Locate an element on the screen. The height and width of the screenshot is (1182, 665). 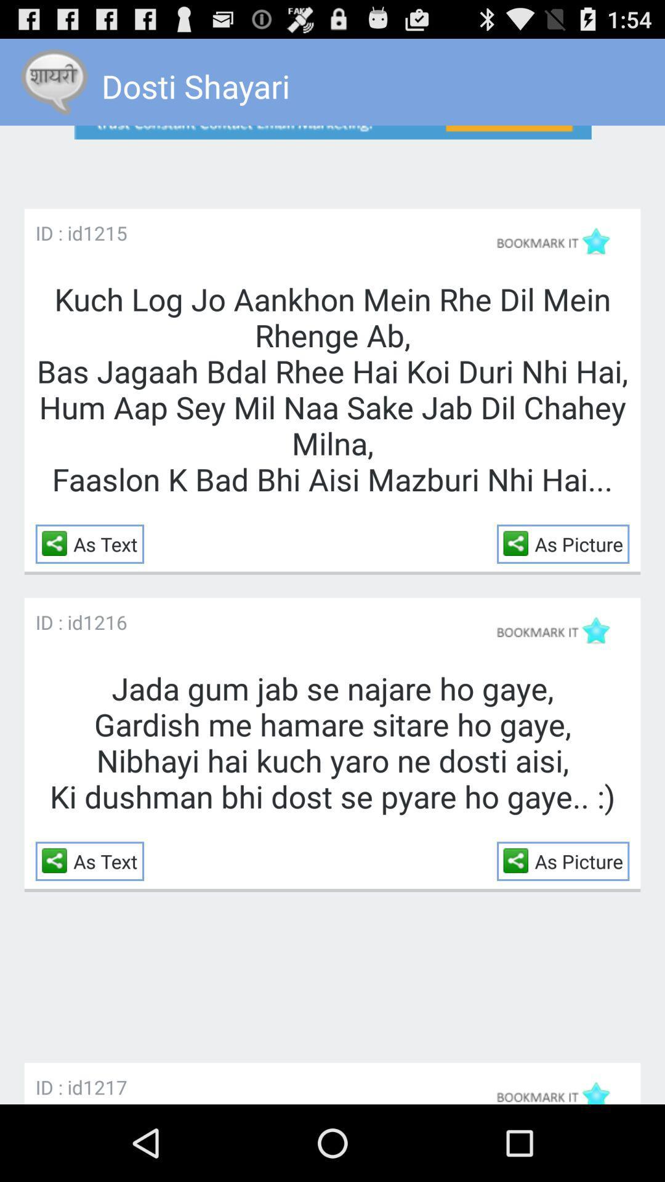
the icon above the id : id item is located at coordinates (332, 156).